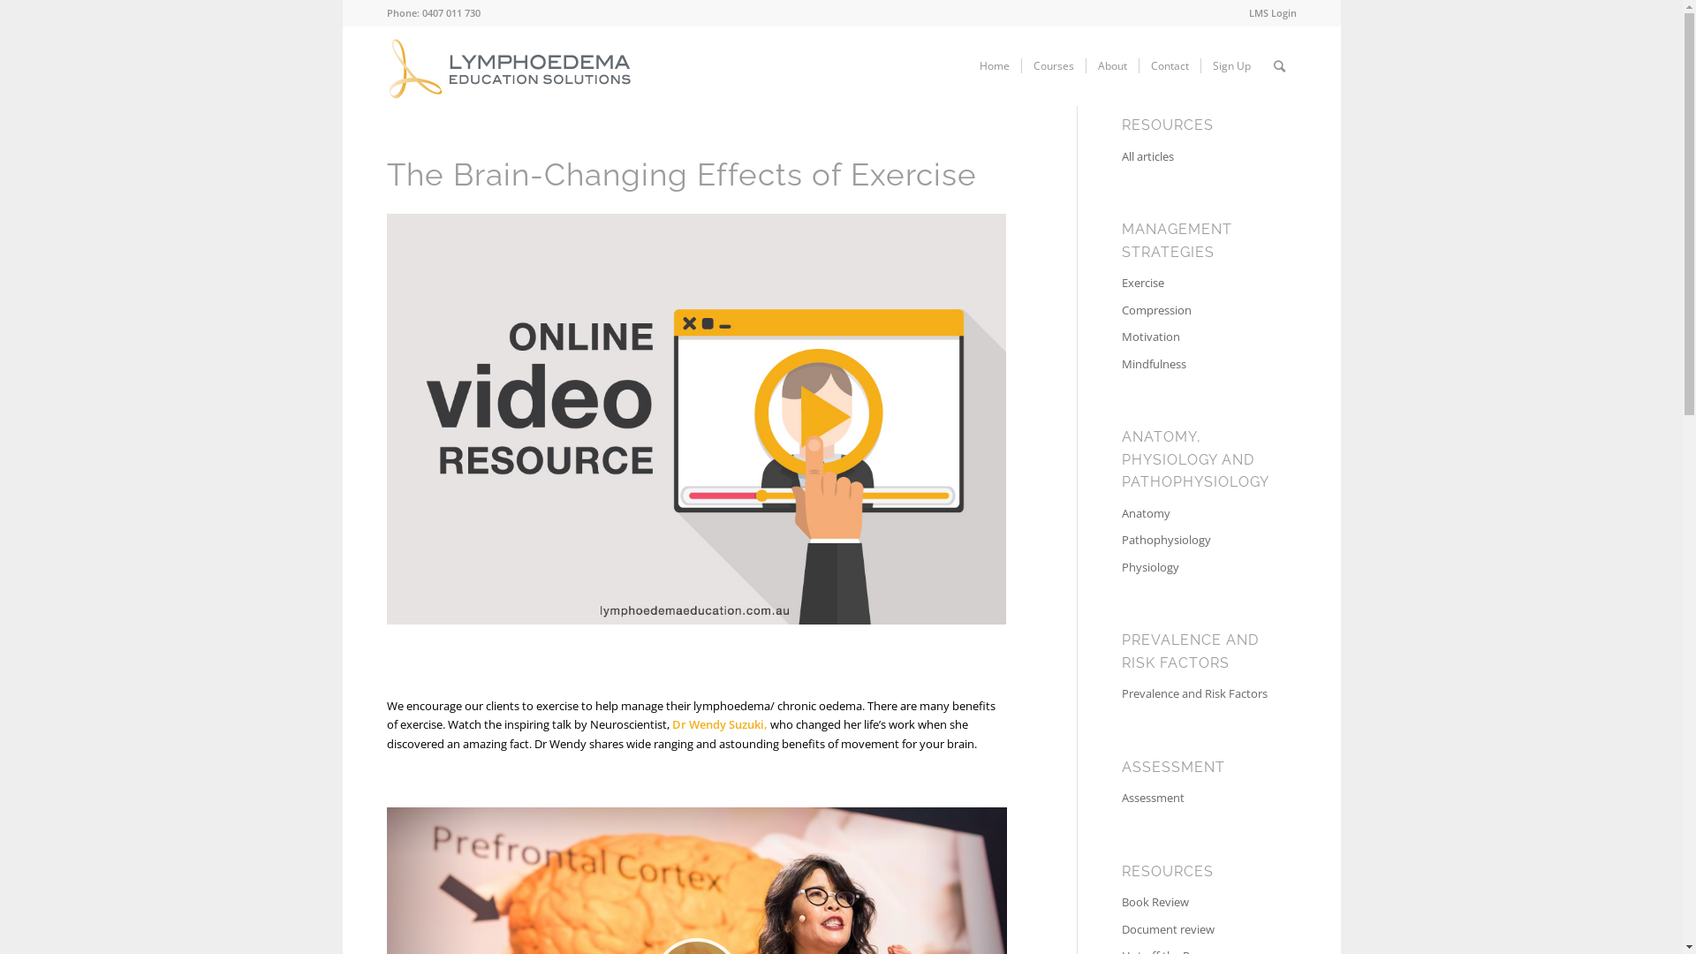  What do you see at coordinates (1195, 798) in the screenshot?
I see `'Assessment'` at bounding box center [1195, 798].